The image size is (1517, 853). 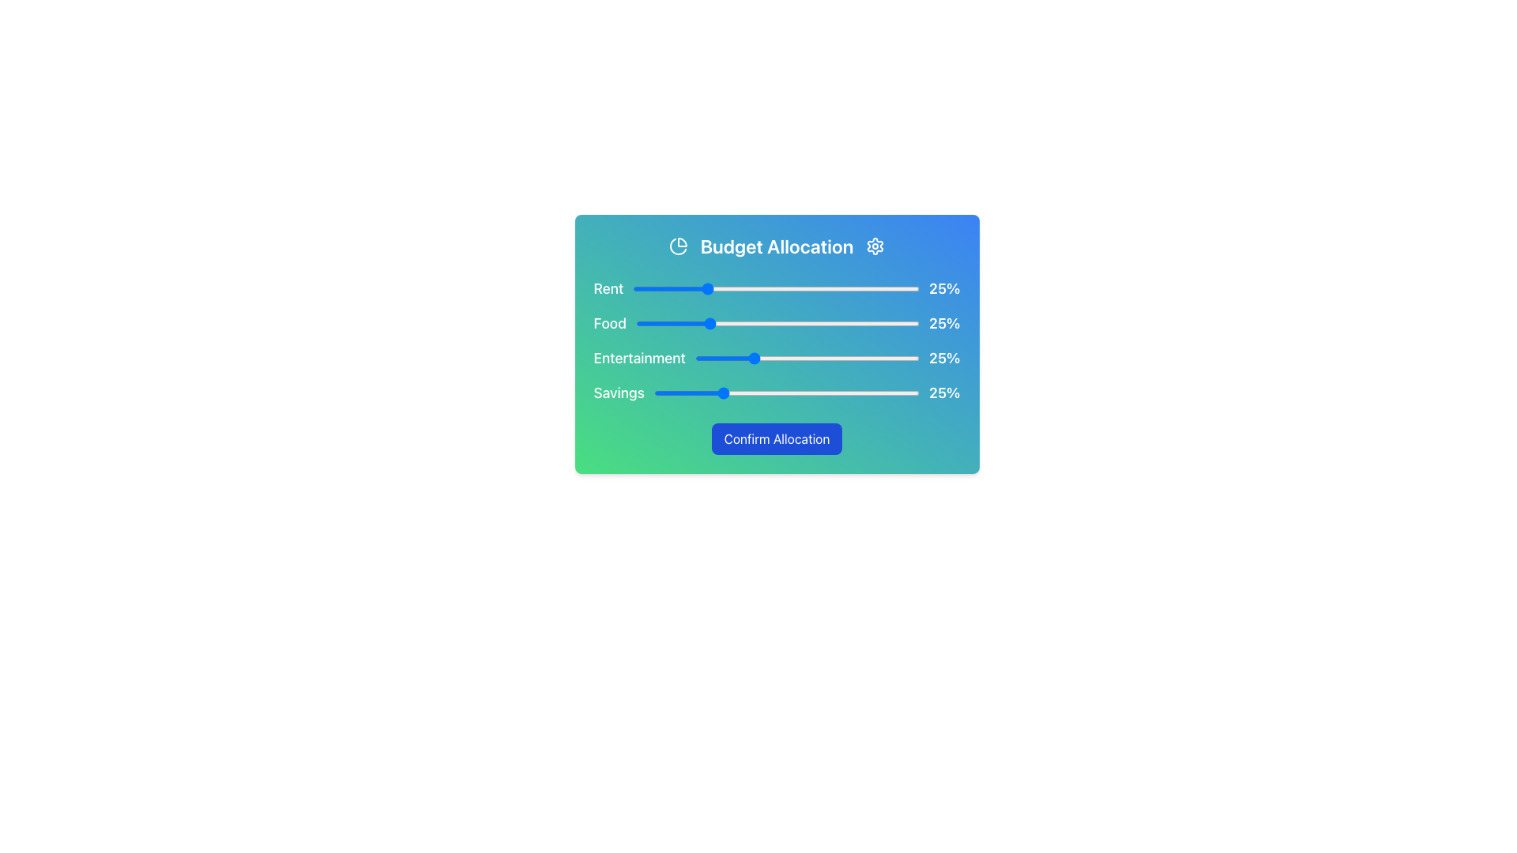 What do you see at coordinates (636, 289) in the screenshot?
I see `the 'Rent' allocation slider` at bounding box center [636, 289].